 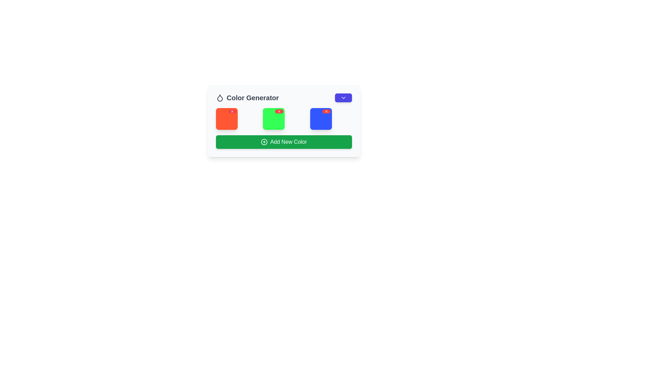 I want to click on the 'Color Generator' icon located near the top-left corner of the 'Color Generator' box, visually aligned horizontally with the title text, so click(x=220, y=98).